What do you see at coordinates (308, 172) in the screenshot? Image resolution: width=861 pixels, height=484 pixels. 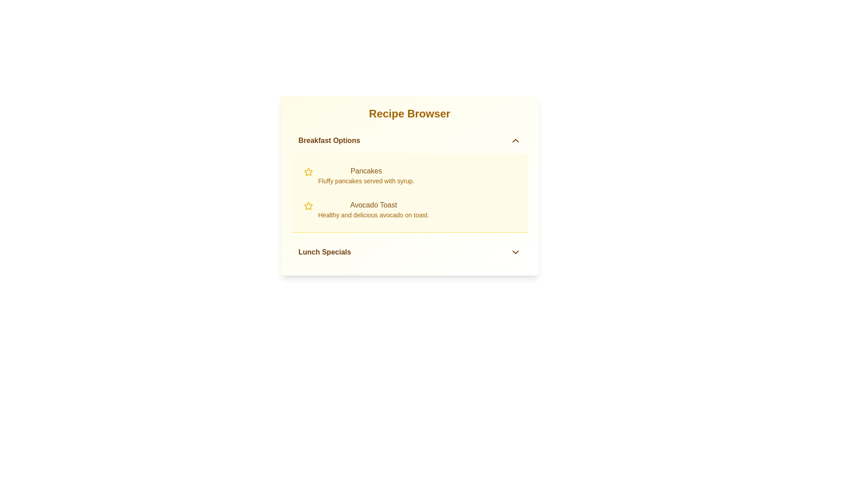 I see `the star icon corresponding to the recipe Pancakes` at bounding box center [308, 172].